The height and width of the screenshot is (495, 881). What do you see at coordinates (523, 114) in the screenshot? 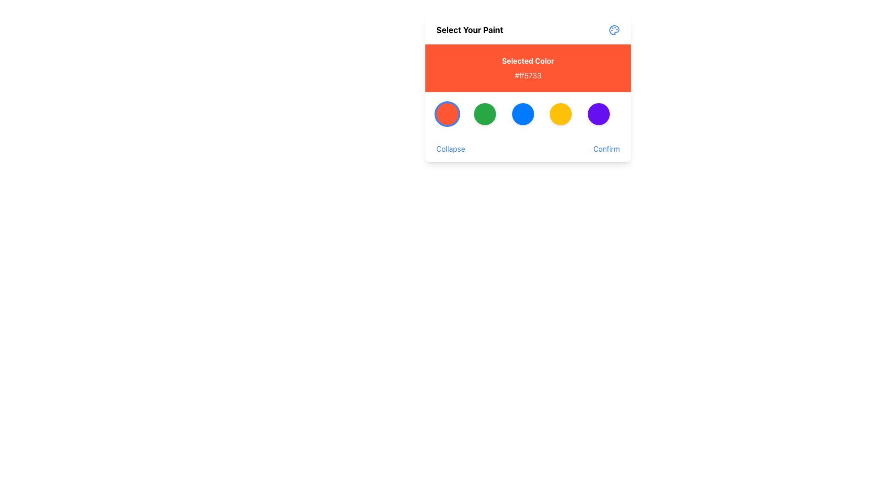
I see `the circular blue button, which is the third in a row of five similar circular elements, positioned between a green circle on the left and a yellow circle on the right` at bounding box center [523, 114].